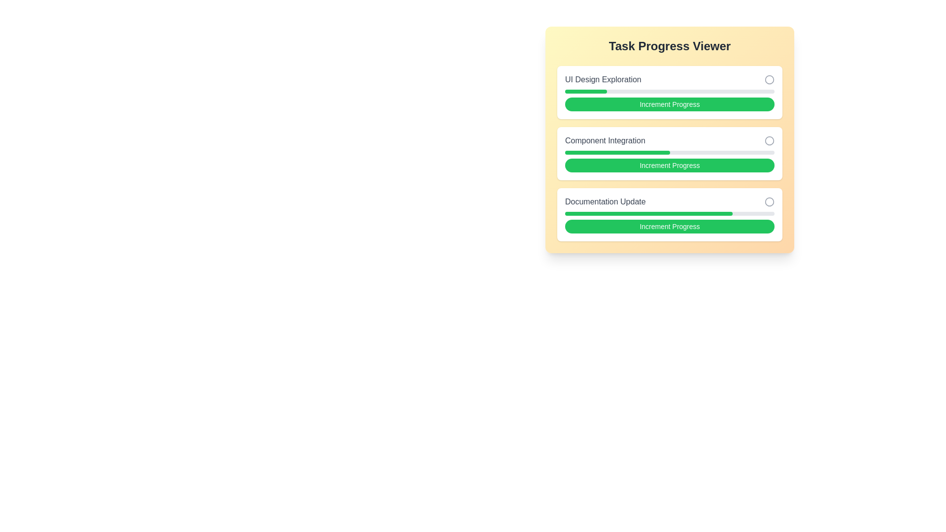  Describe the element at coordinates (670, 93) in the screenshot. I see `the Task Card labeled 'UI Design Exploration', which features a progress bar and an 'Increment Progress' button at the bottom` at that location.